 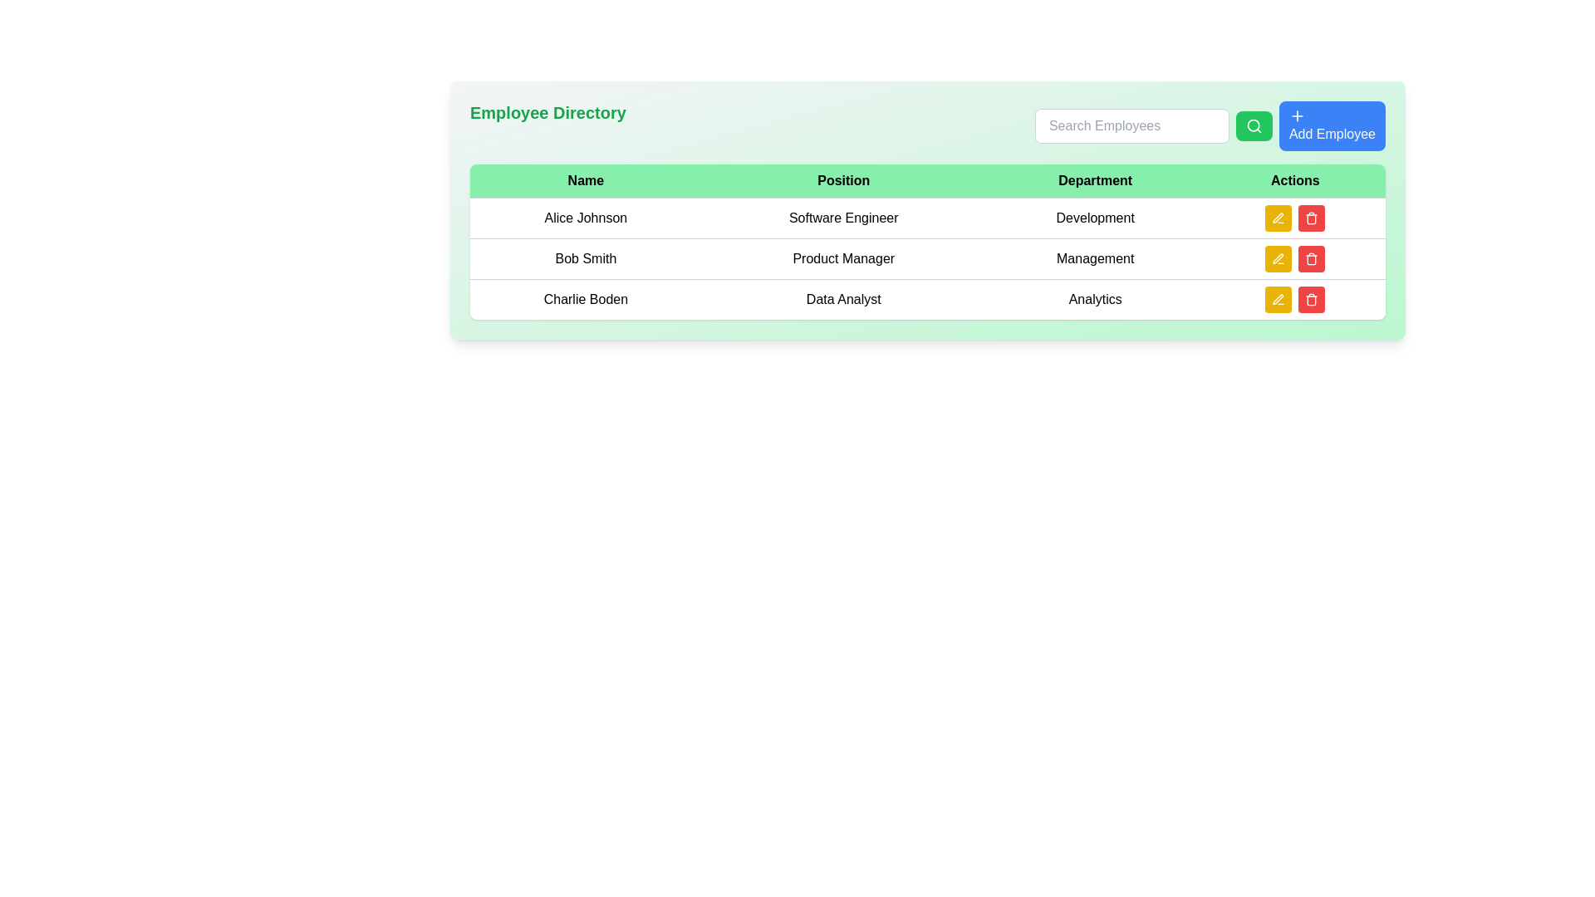 I want to click on the text label displaying the name of an individual in the employee directory table, located in the second row of the 'Name' column, to trigger a tooltip or highlight, so click(x=586, y=259).